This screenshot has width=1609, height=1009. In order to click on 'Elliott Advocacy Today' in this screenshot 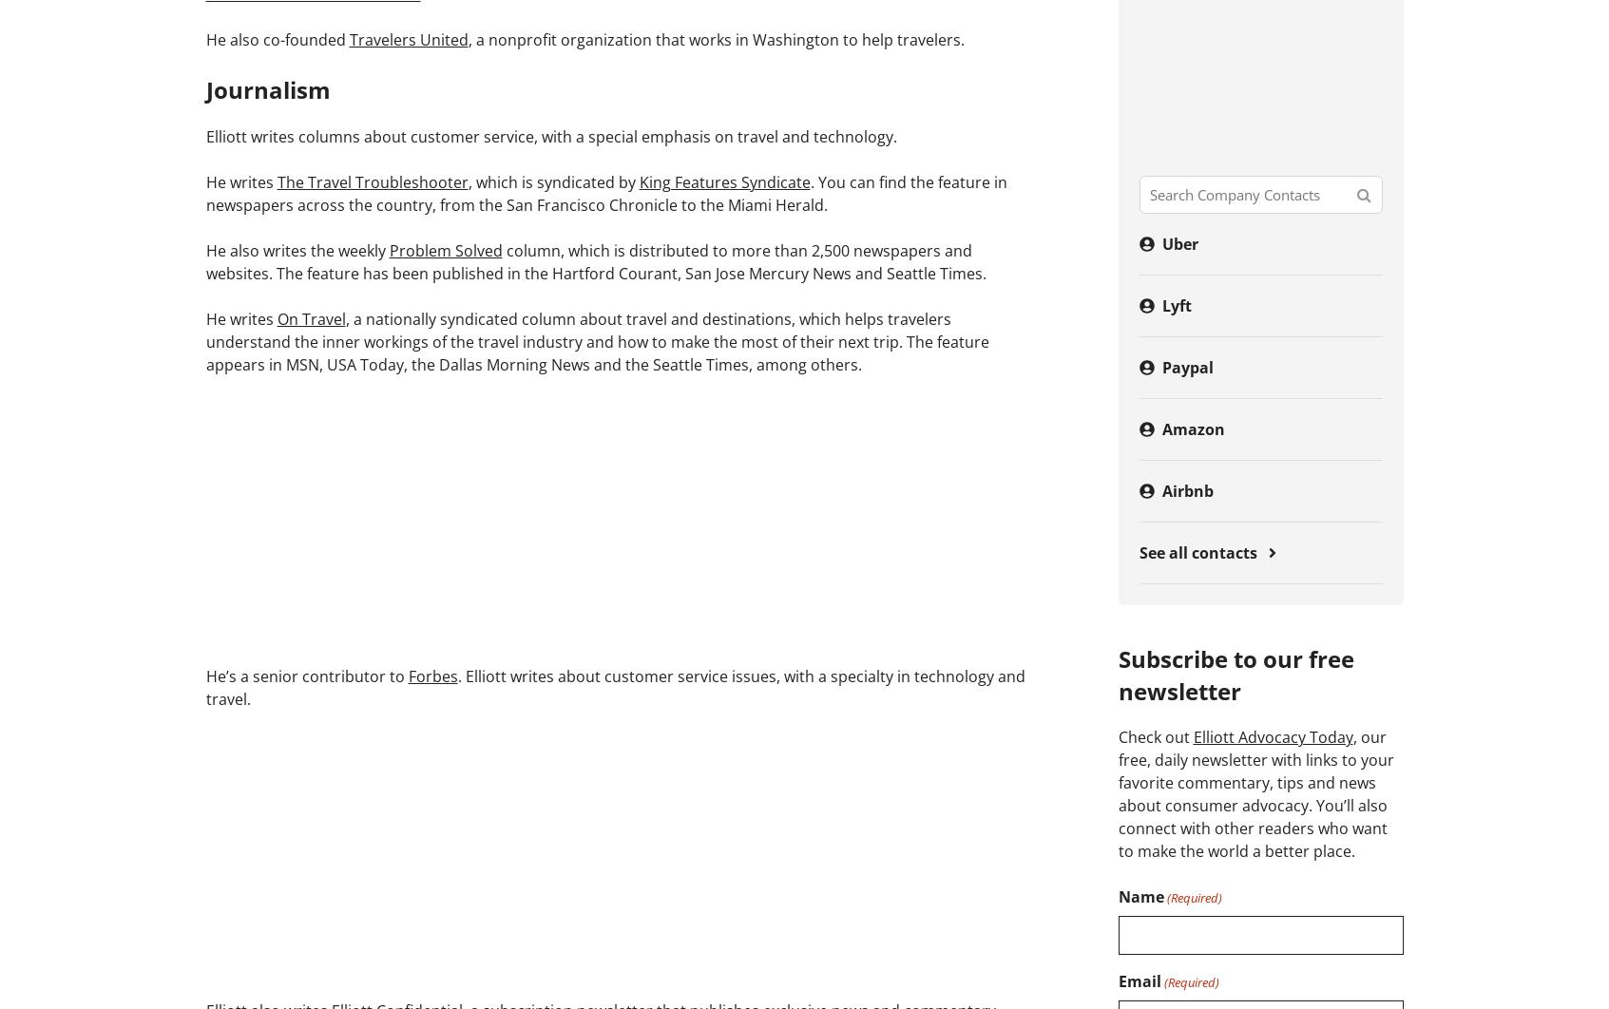, I will do `click(1271, 737)`.